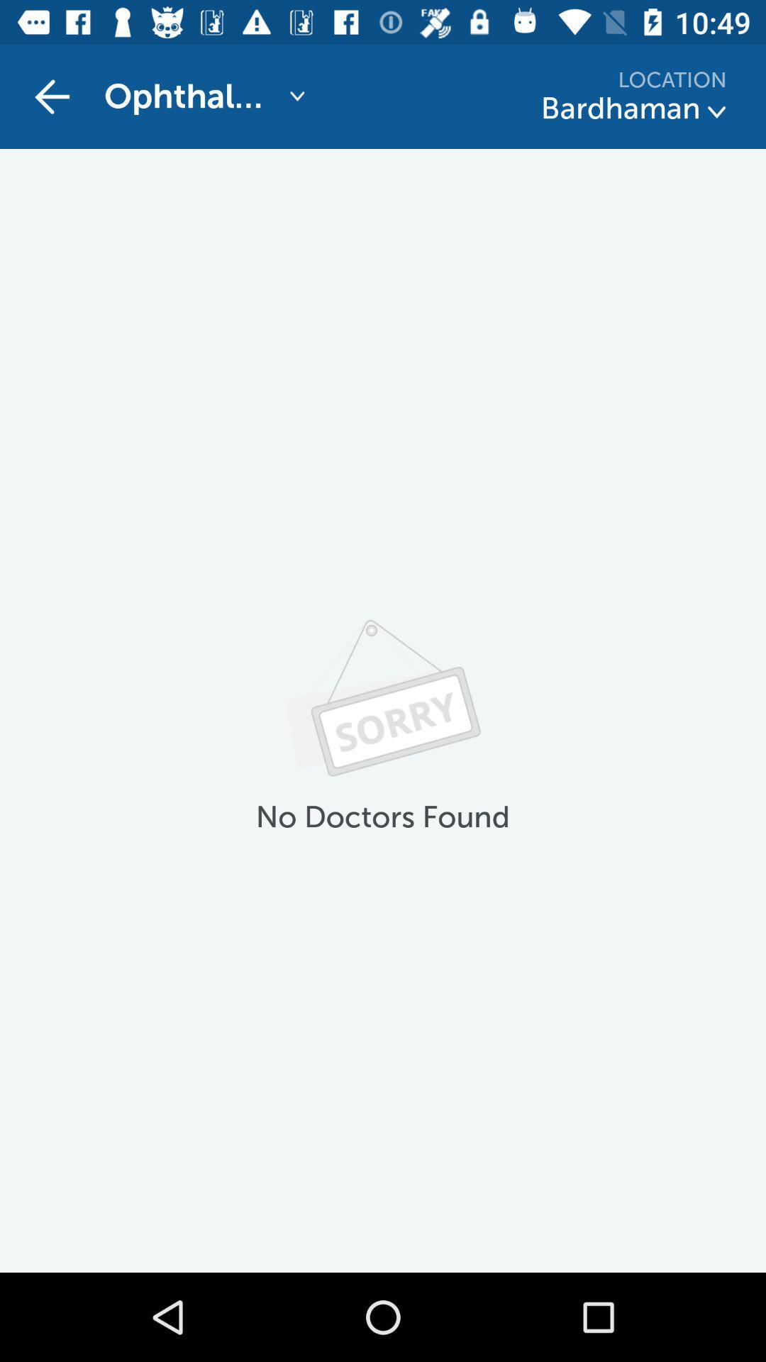 The width and height of the screenshot is (766, 1362). Describe the element at coordinates (51, 96) in the screenshot. I see `the icon to the left of ophthalmologist icon` at that location.